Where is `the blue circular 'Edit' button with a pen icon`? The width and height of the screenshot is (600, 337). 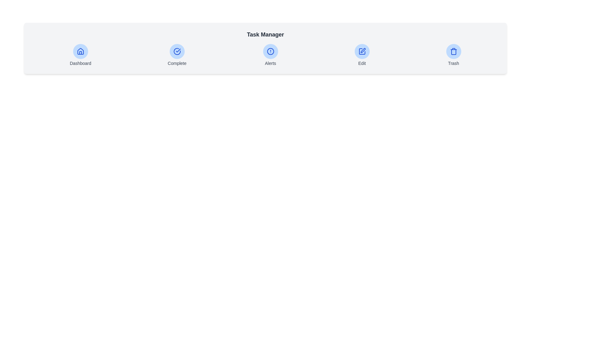 the blue circular 'Edit' button with a pen icon is located at coordinates (362, 55).